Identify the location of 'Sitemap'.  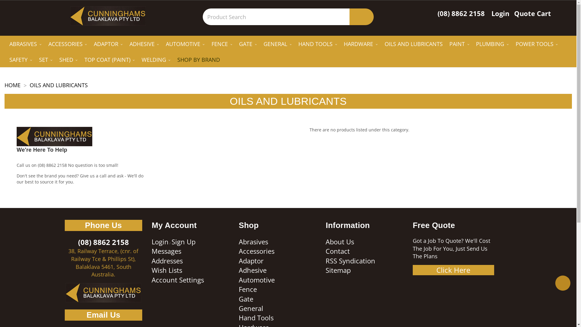
(325, 269).